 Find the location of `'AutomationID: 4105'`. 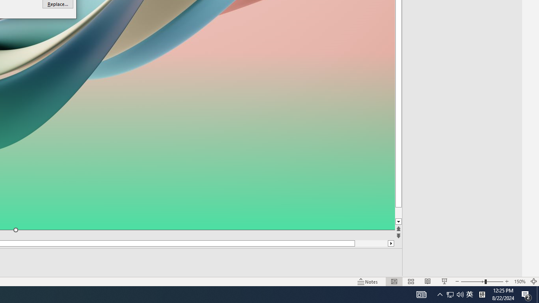

'AutomationID: 4105' is located at coordinates (421, 294).